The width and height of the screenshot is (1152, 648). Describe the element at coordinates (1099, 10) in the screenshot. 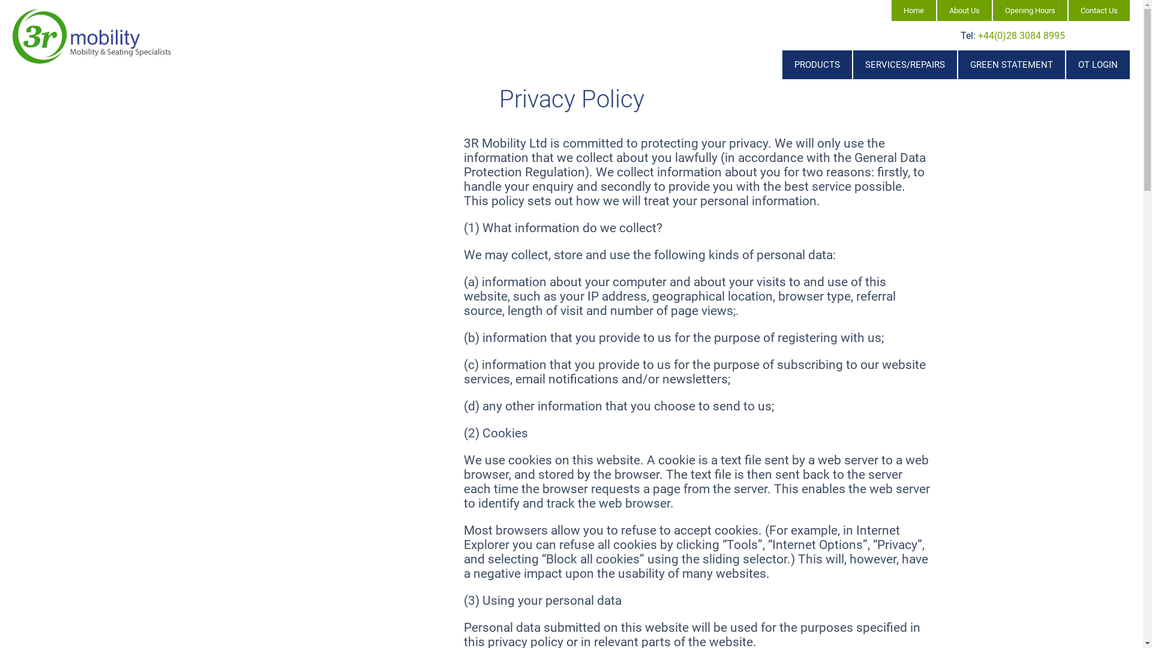

I see `'Contact Us'` at that location.